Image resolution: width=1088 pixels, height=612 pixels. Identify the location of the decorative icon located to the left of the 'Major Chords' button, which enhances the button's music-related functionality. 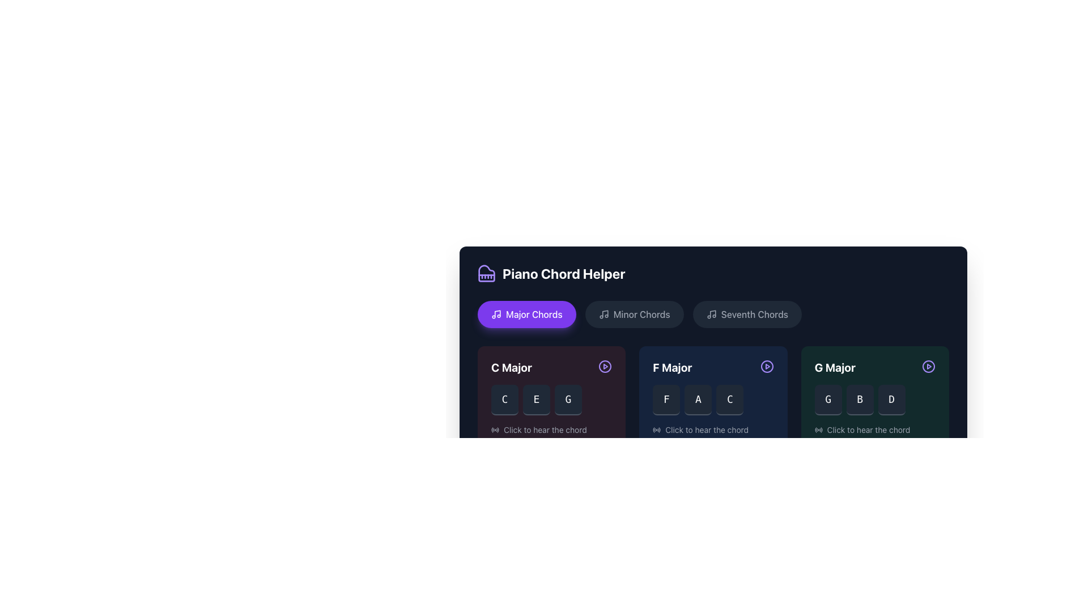
(496, 314).